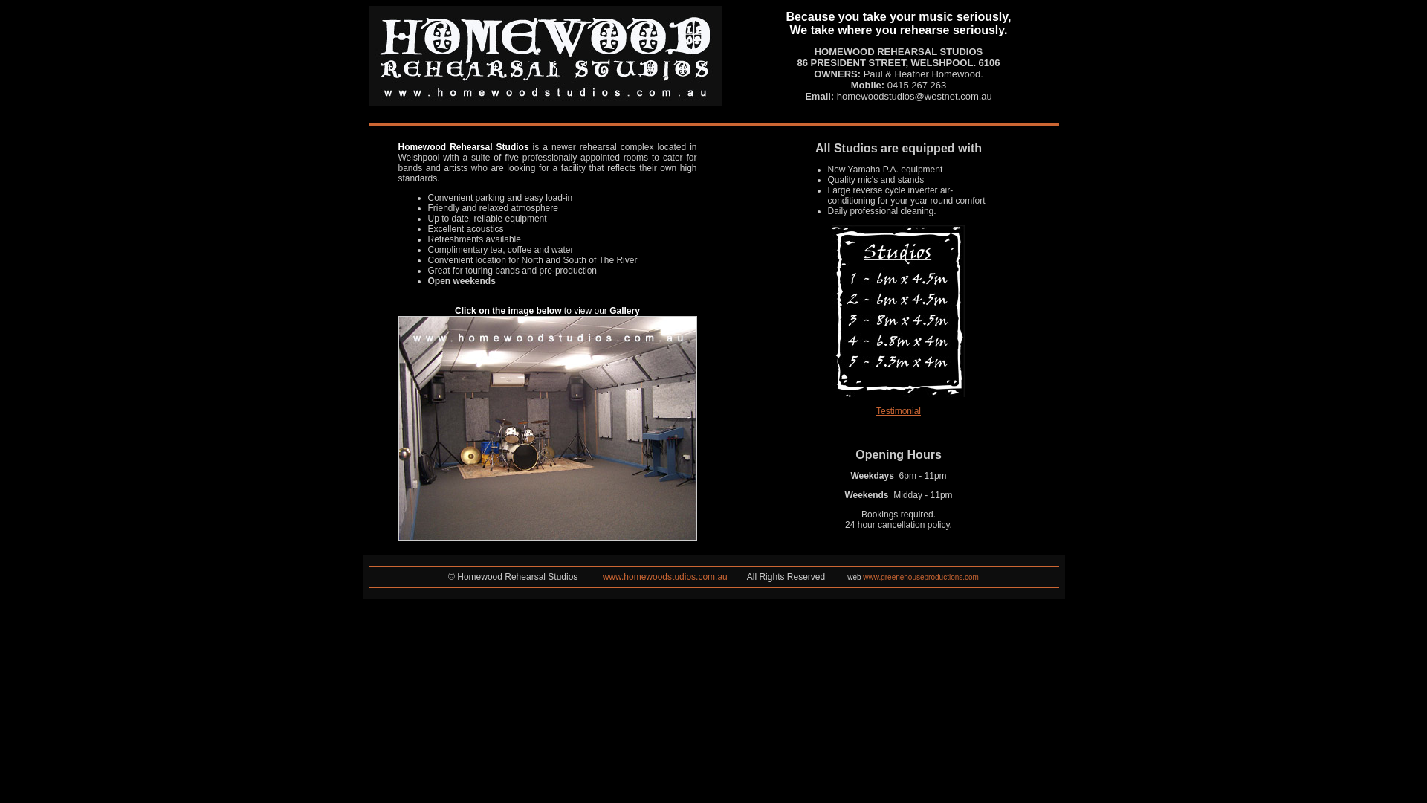 The width and height of the screenshot is (1427, 803). Describe the element at coordinates (664, 575) in the screenshot. I see `'www.homewoodstudios.com.au'` at that location.